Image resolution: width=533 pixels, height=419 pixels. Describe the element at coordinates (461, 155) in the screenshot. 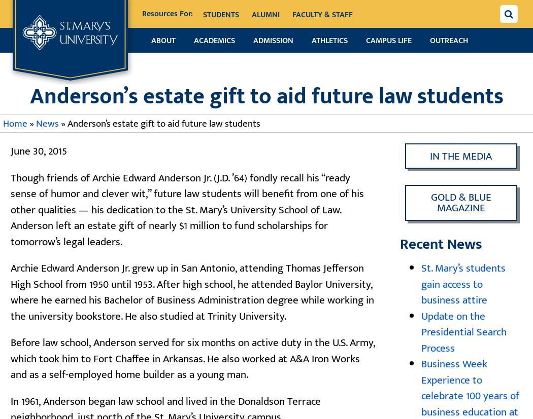

I see `'In the Media'` at that location.